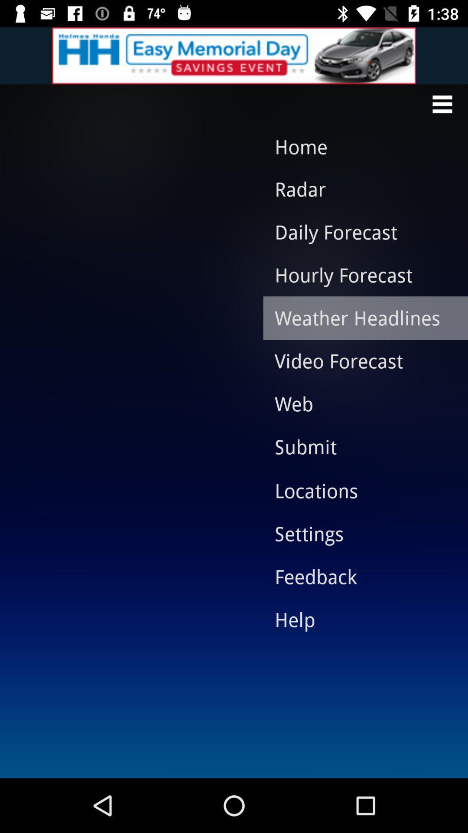 The image size is (468, 833). I want to click on the icon above the video forecast, so click(359, 317).